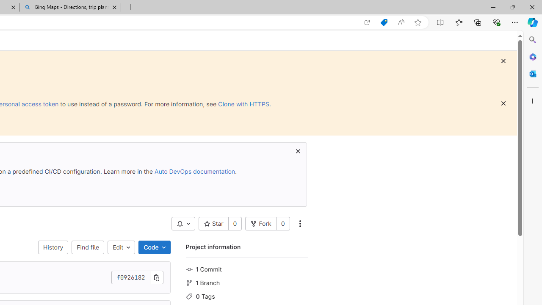 The width and height of the screenshot is (542, 305). I want to click on 'Class: s16 icon gl-mr-3 gl-text-gray-500', so click(188, 296).